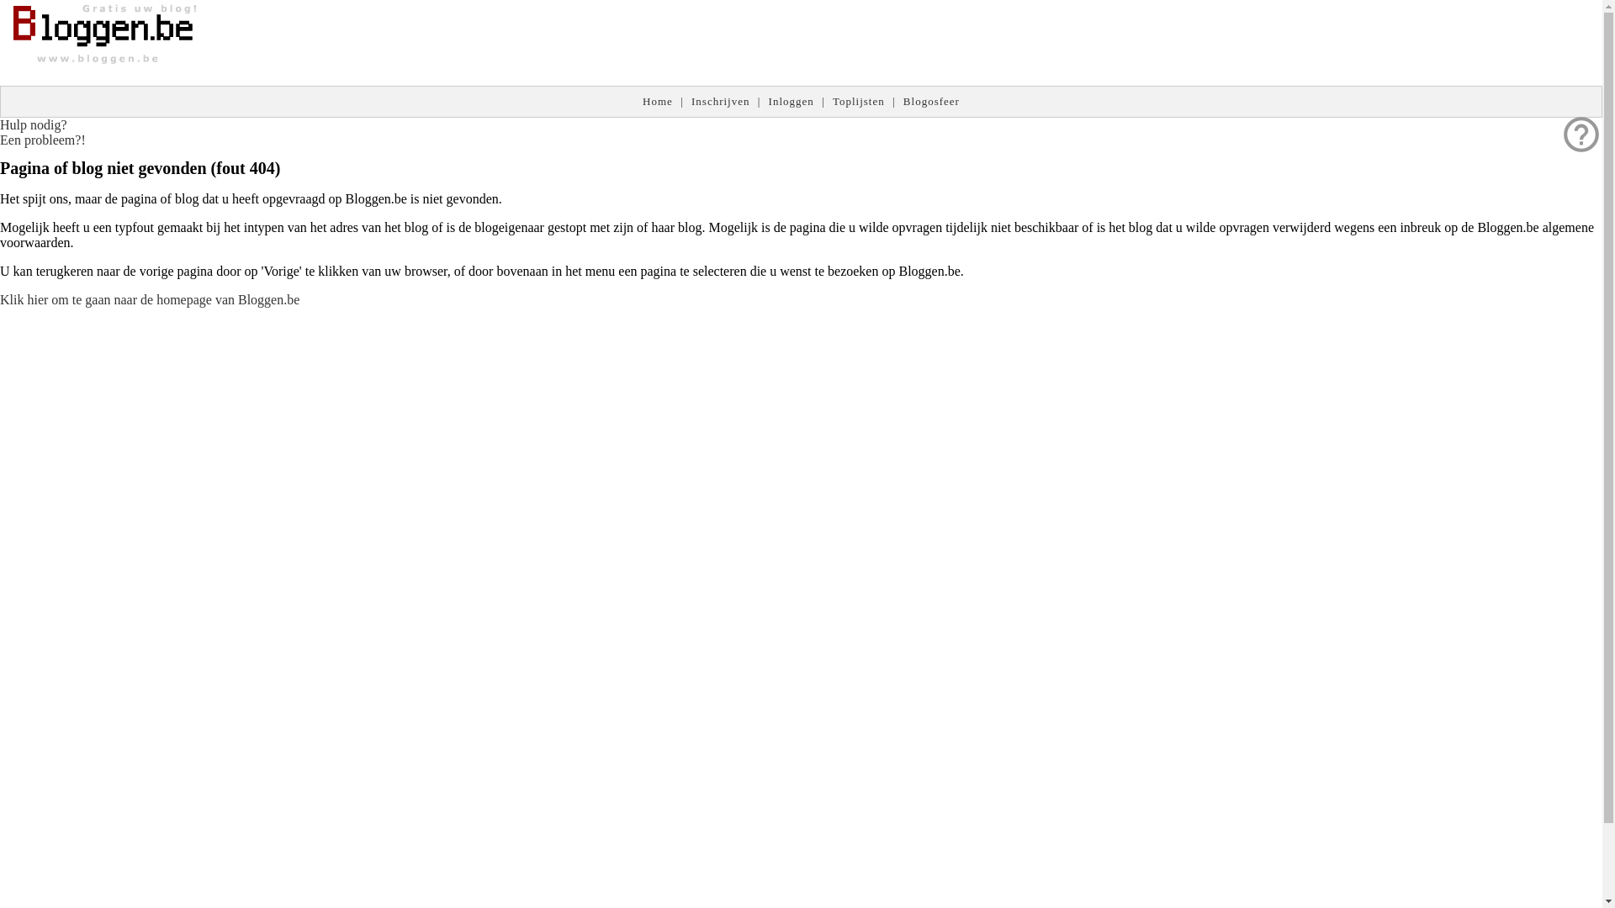  What do you see at coordinates (832, 101) in the screenshot?
I see `'Toplijsten'` at bounding box center [832, 101].